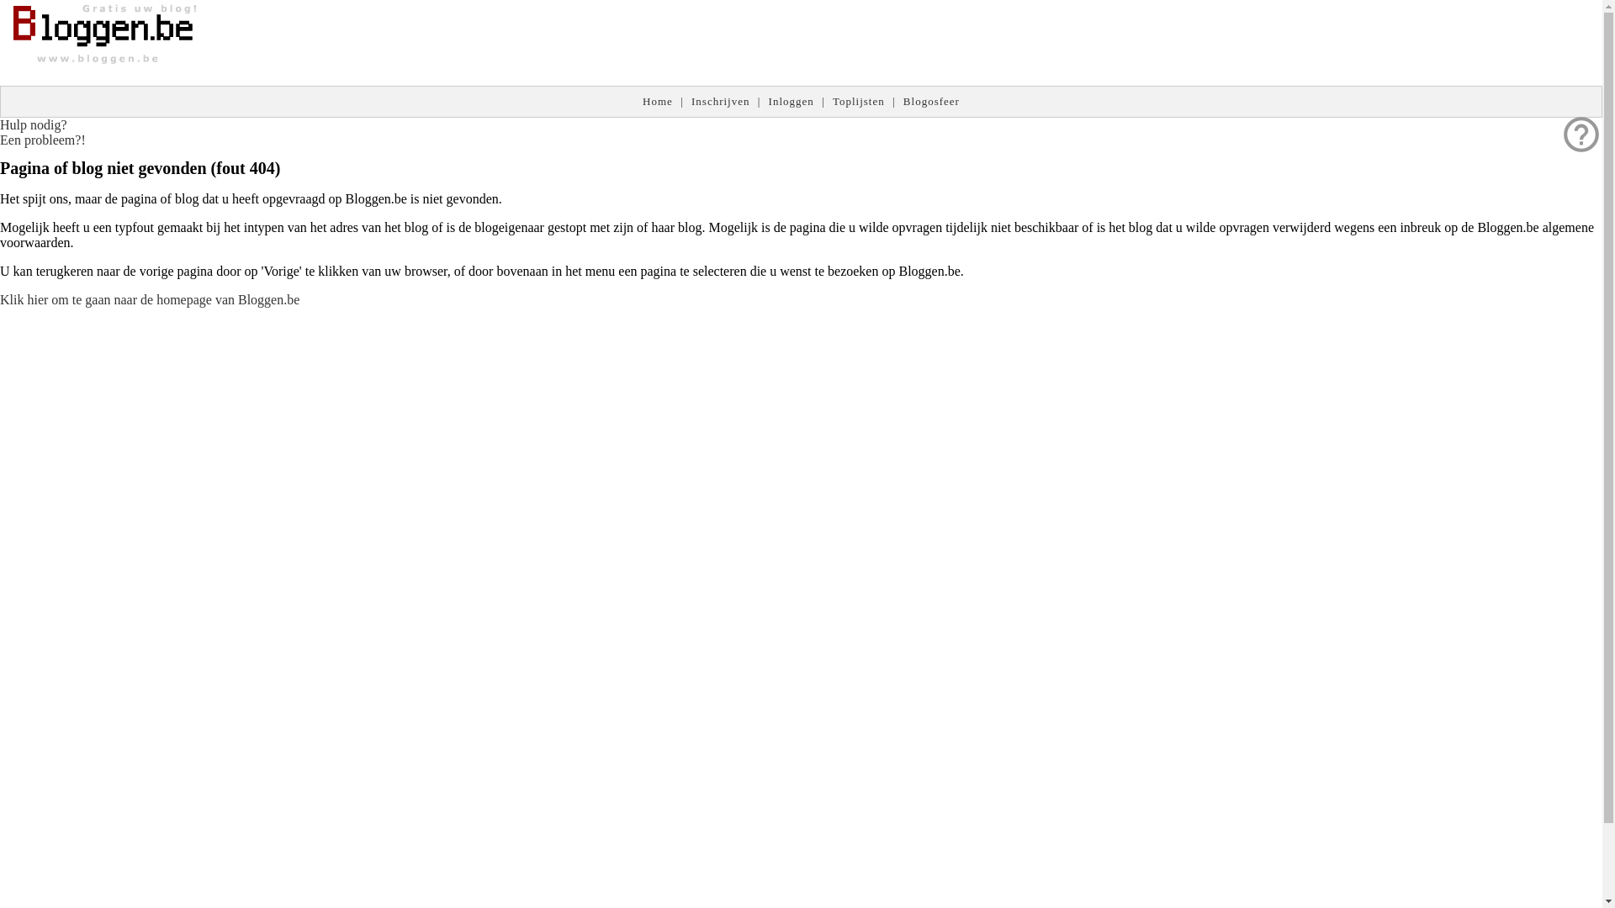  What do you see at coordinates (832, 101) in the screenshot?
I see `'Toplijsten'` at bounding box center [832, 101].